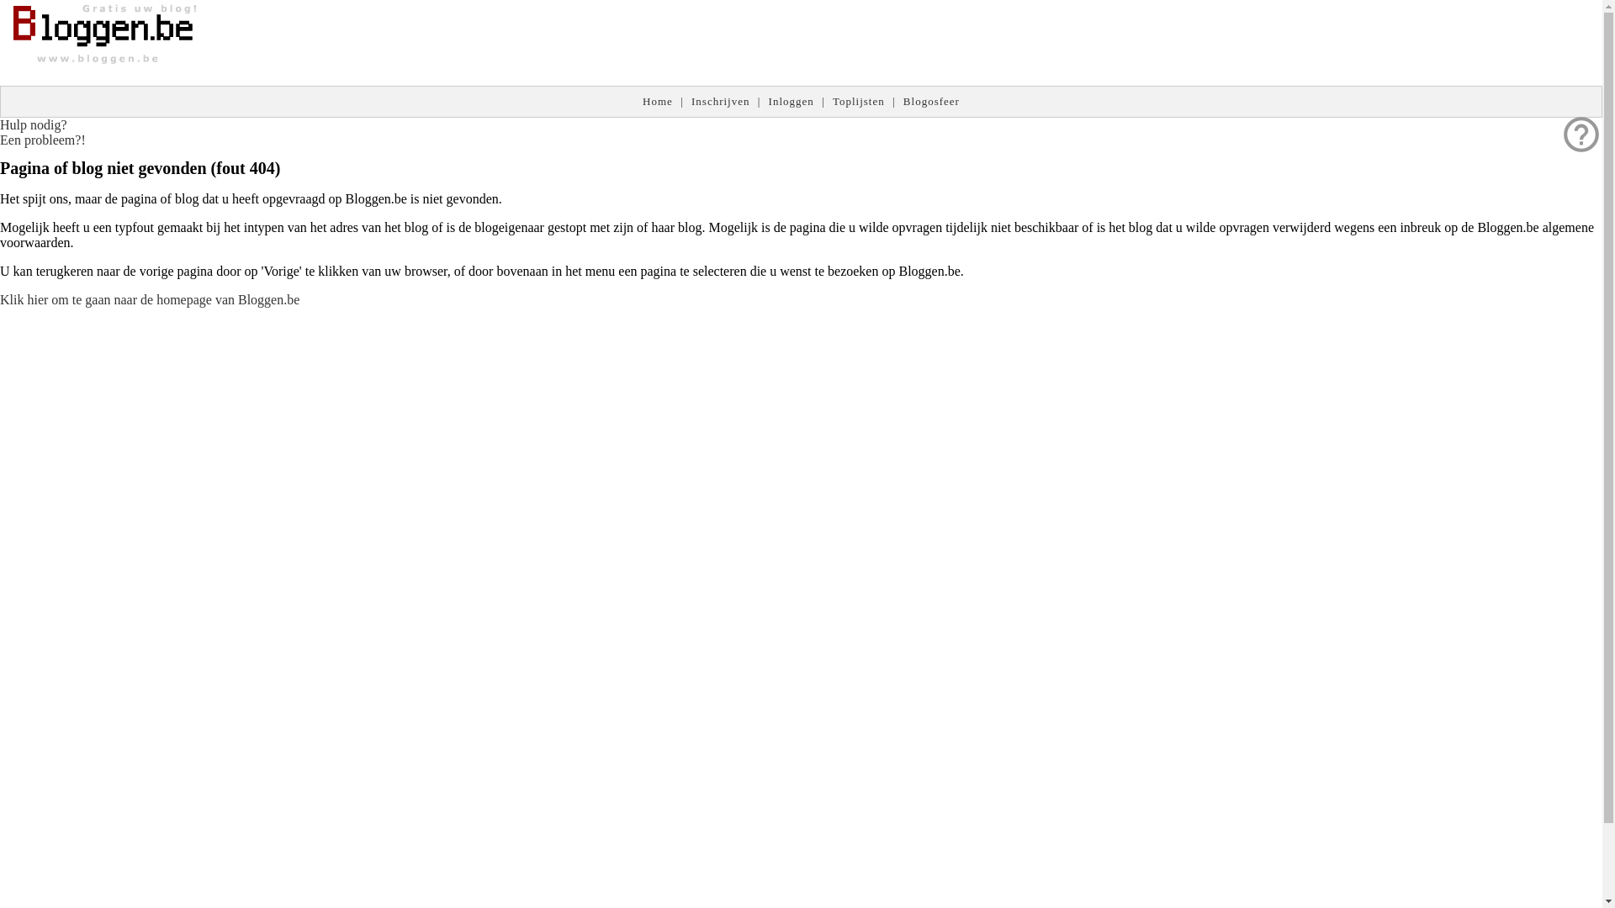  What do you see at coordinates (832, 101) in the screenshot?
I see `'Toplijsten'` at bounding box center [832, 101].